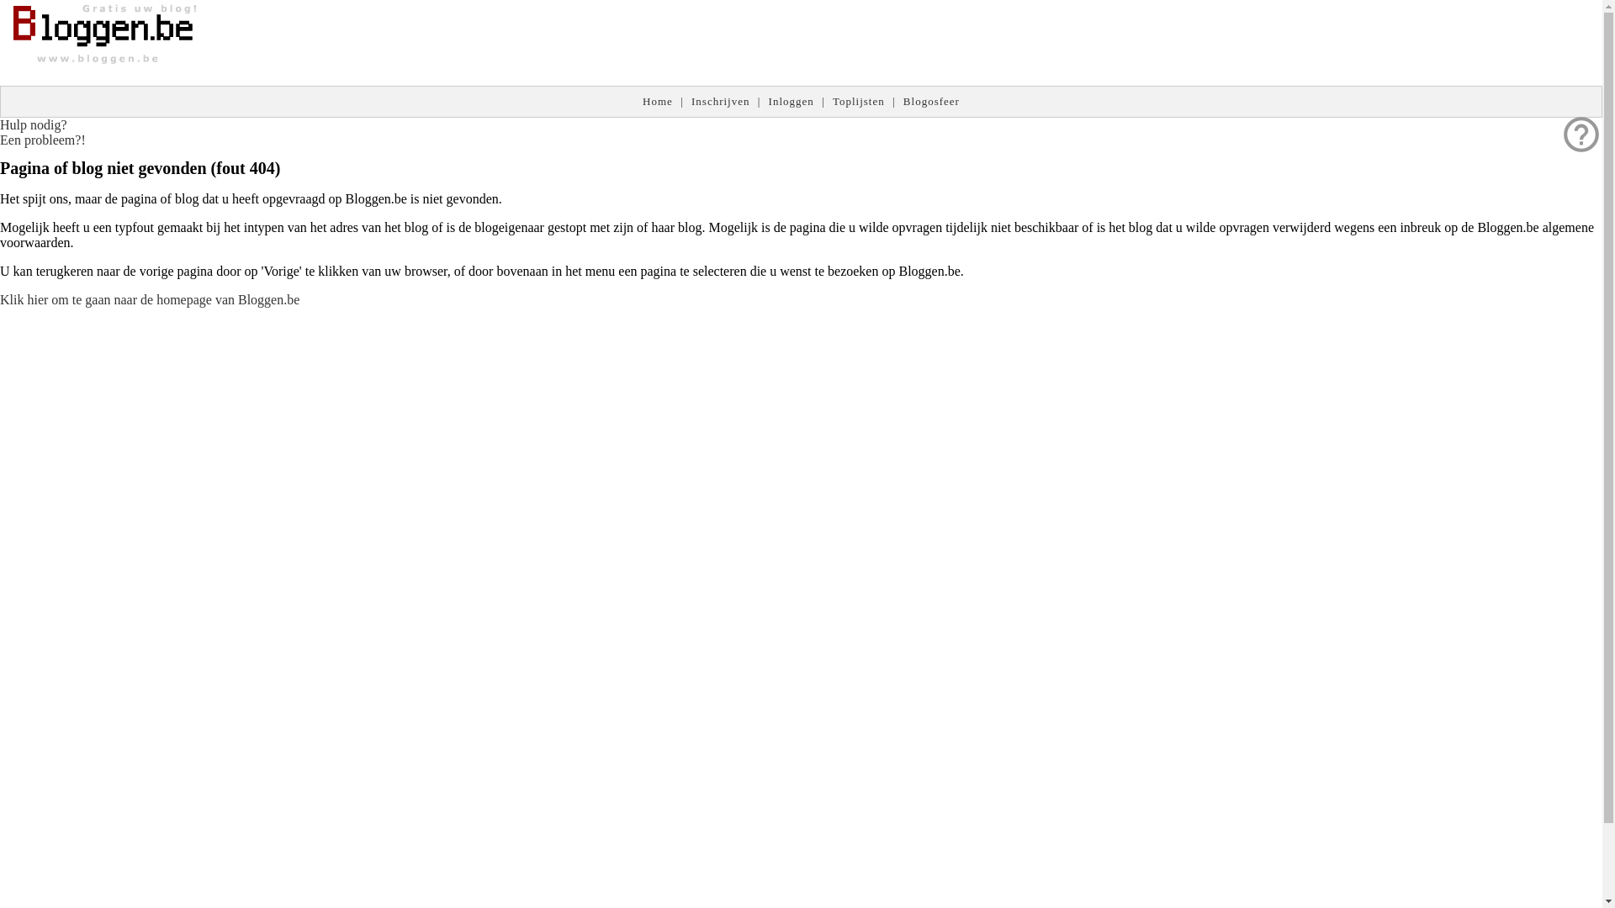  What do you see at coordinates (832, 101) in the screenshot?
I see `'Toplijsten'` at bounding box center [832, 101].